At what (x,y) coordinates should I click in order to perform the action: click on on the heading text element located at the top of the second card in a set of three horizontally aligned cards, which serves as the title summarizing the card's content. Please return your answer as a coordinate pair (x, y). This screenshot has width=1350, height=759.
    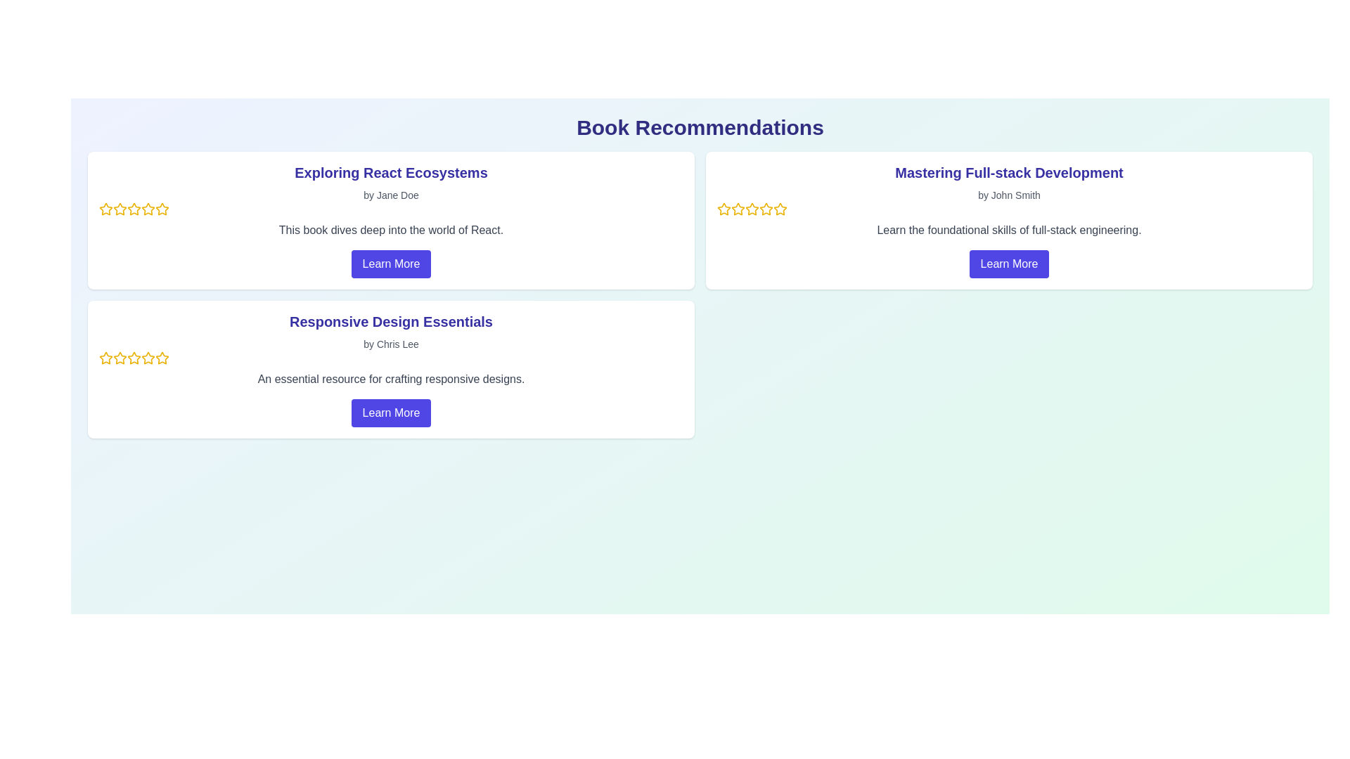
    Looking at the image, I should click on (391, 322).